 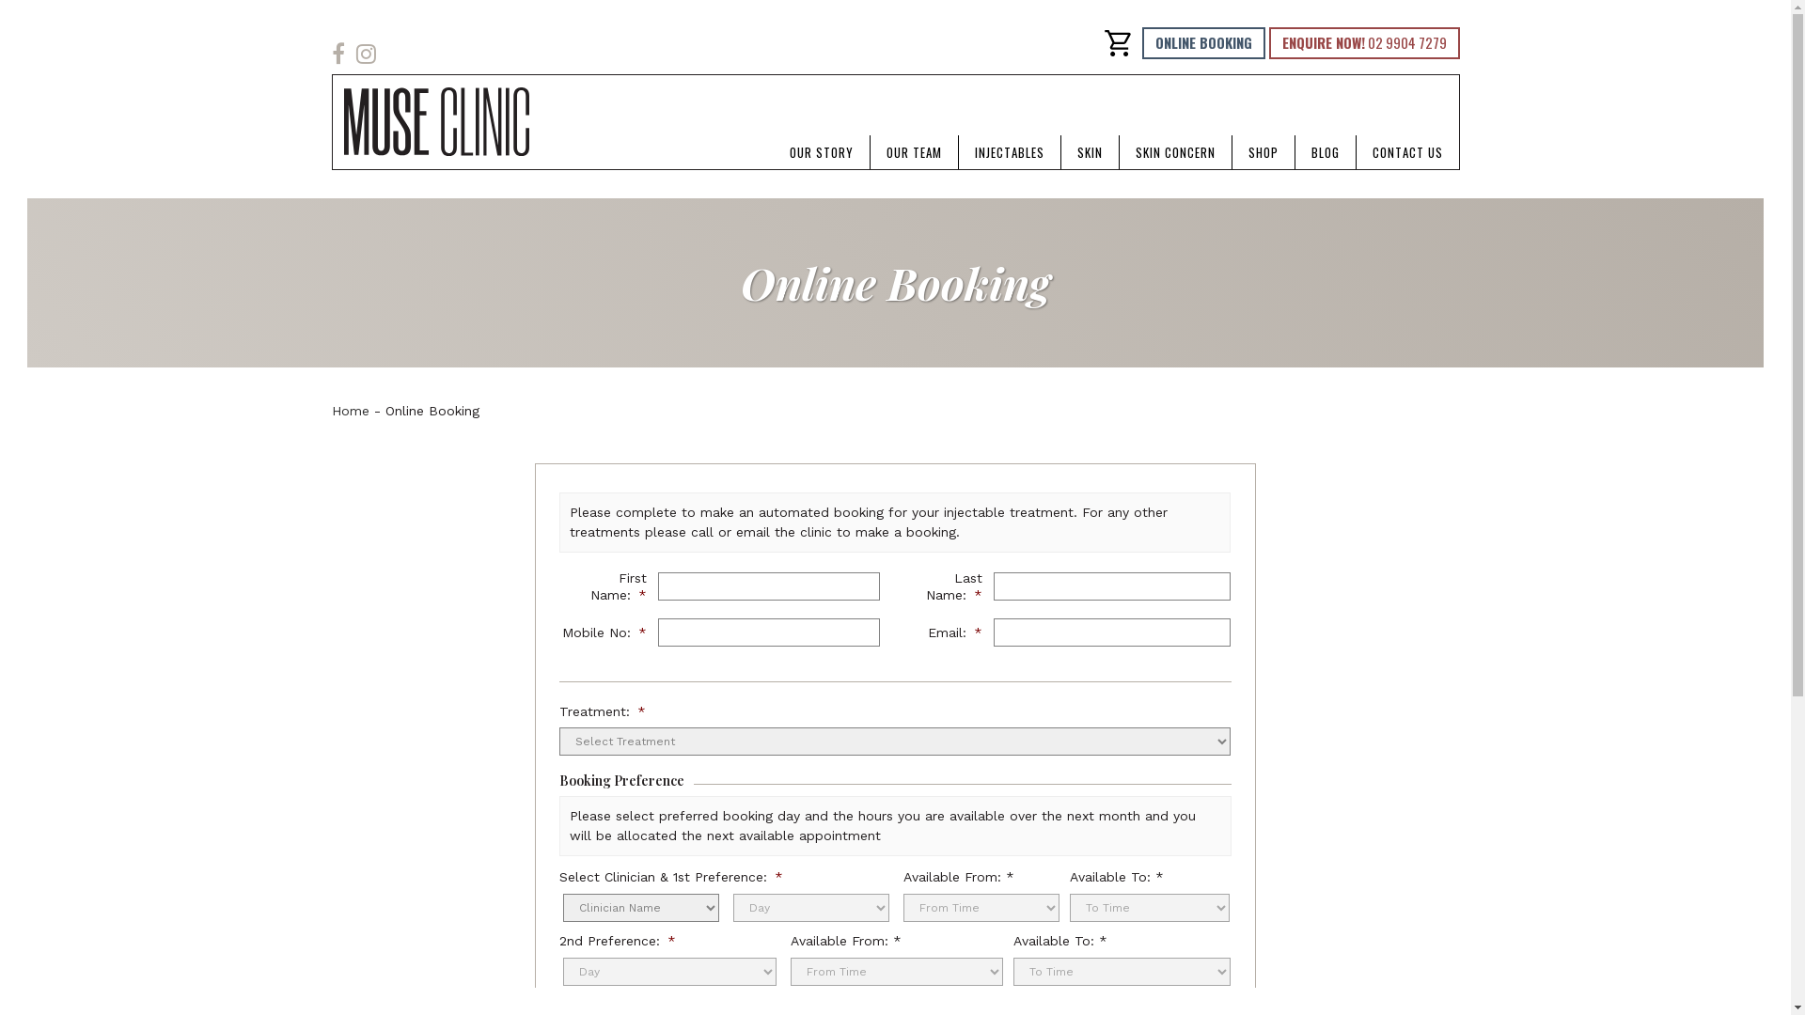 I want to click on 'Cart', so click(x=1118, y=42).